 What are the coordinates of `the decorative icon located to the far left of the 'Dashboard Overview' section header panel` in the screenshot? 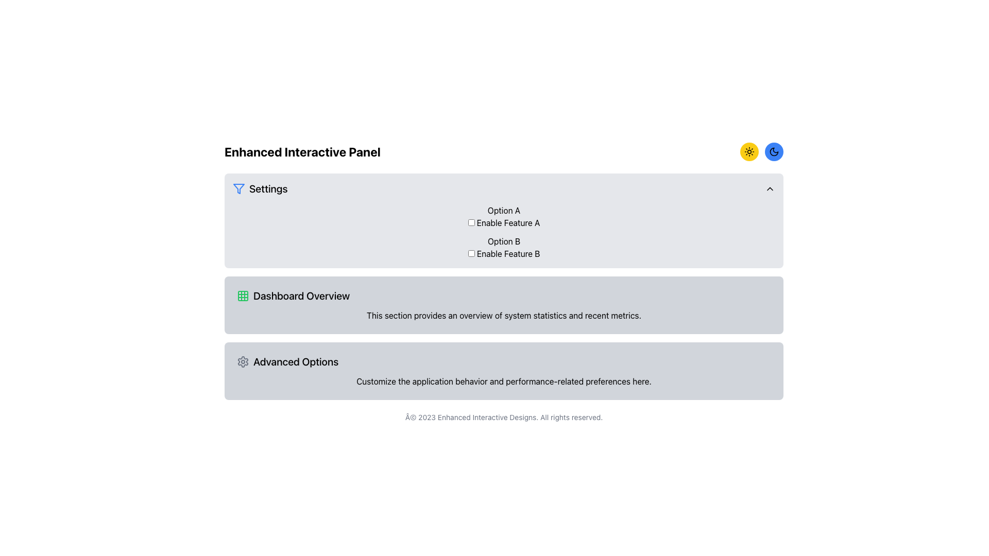 It's located at (242, 296).